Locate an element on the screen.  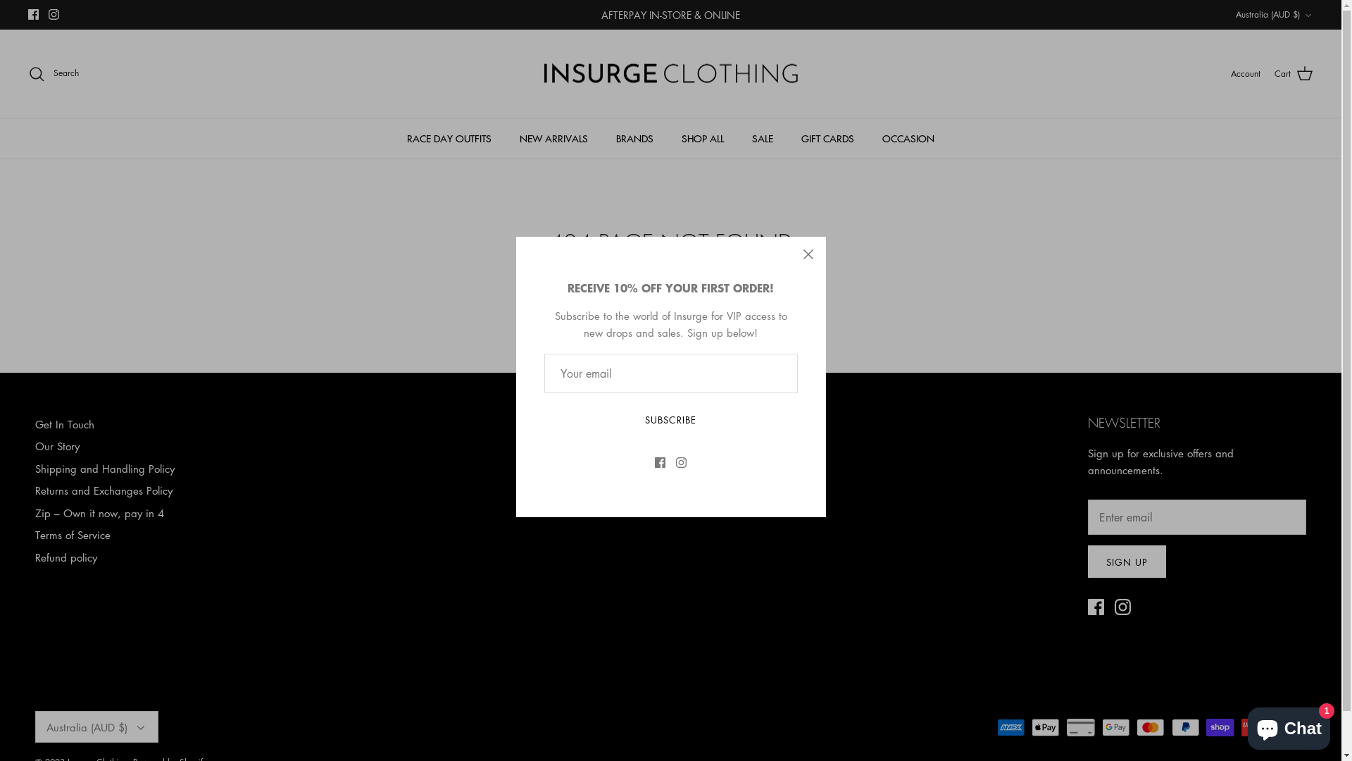
'SIGN UP' is located at coordinates (1127, 561).